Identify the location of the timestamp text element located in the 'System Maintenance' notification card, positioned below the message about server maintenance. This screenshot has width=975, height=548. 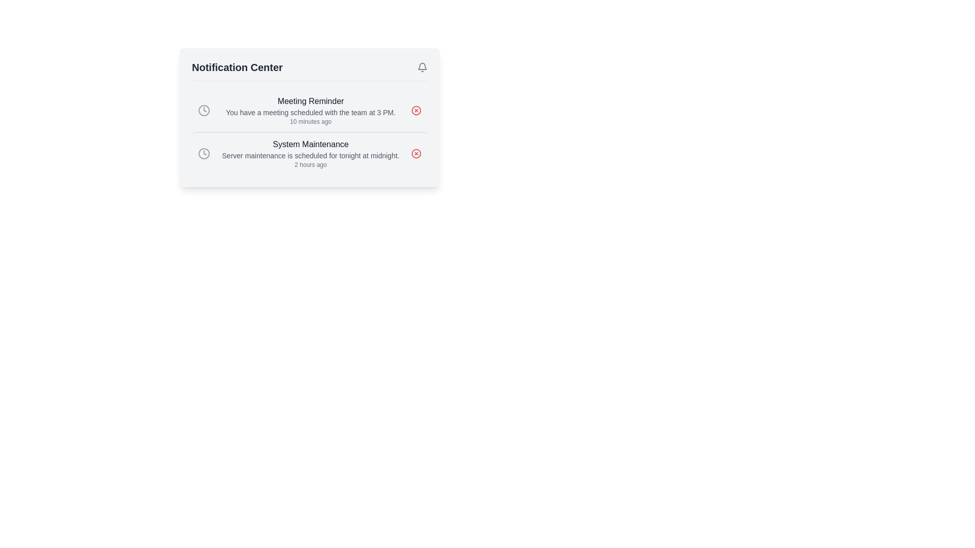
(310, 164).